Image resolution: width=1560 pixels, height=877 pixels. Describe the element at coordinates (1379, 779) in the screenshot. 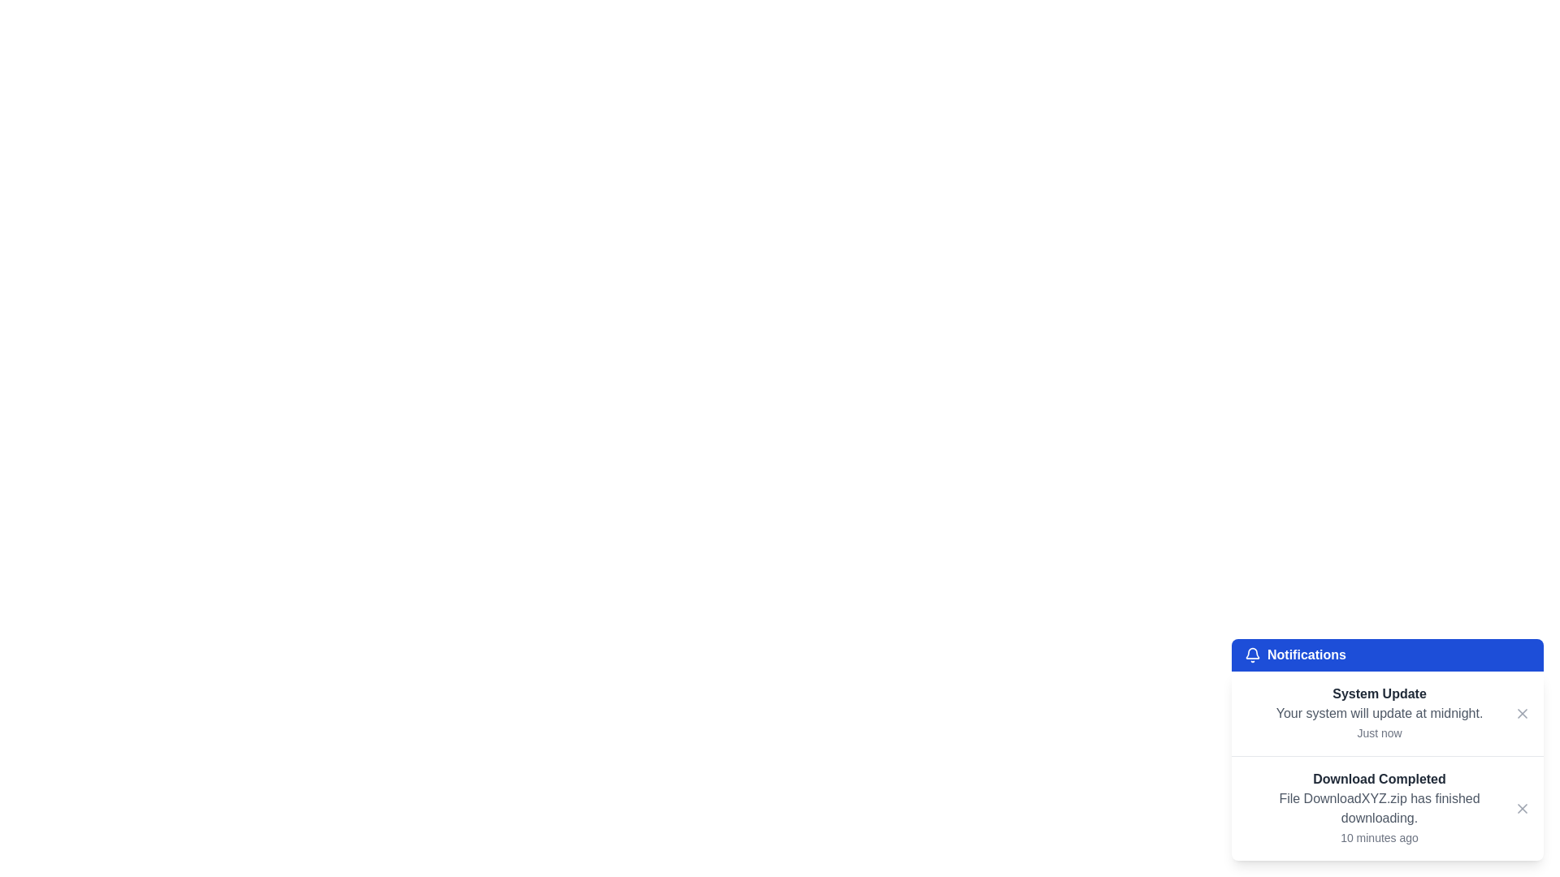

I see `the bold text label displaying 'Download Completed' in dark gray, which indicates a completed file download` at that location.